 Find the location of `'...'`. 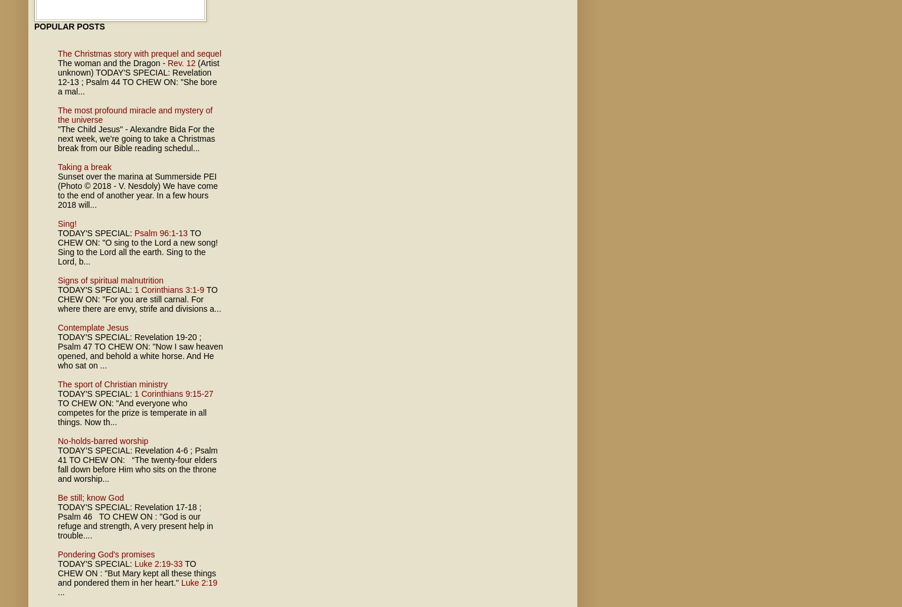

'...' is located at coordinates (60, 592).